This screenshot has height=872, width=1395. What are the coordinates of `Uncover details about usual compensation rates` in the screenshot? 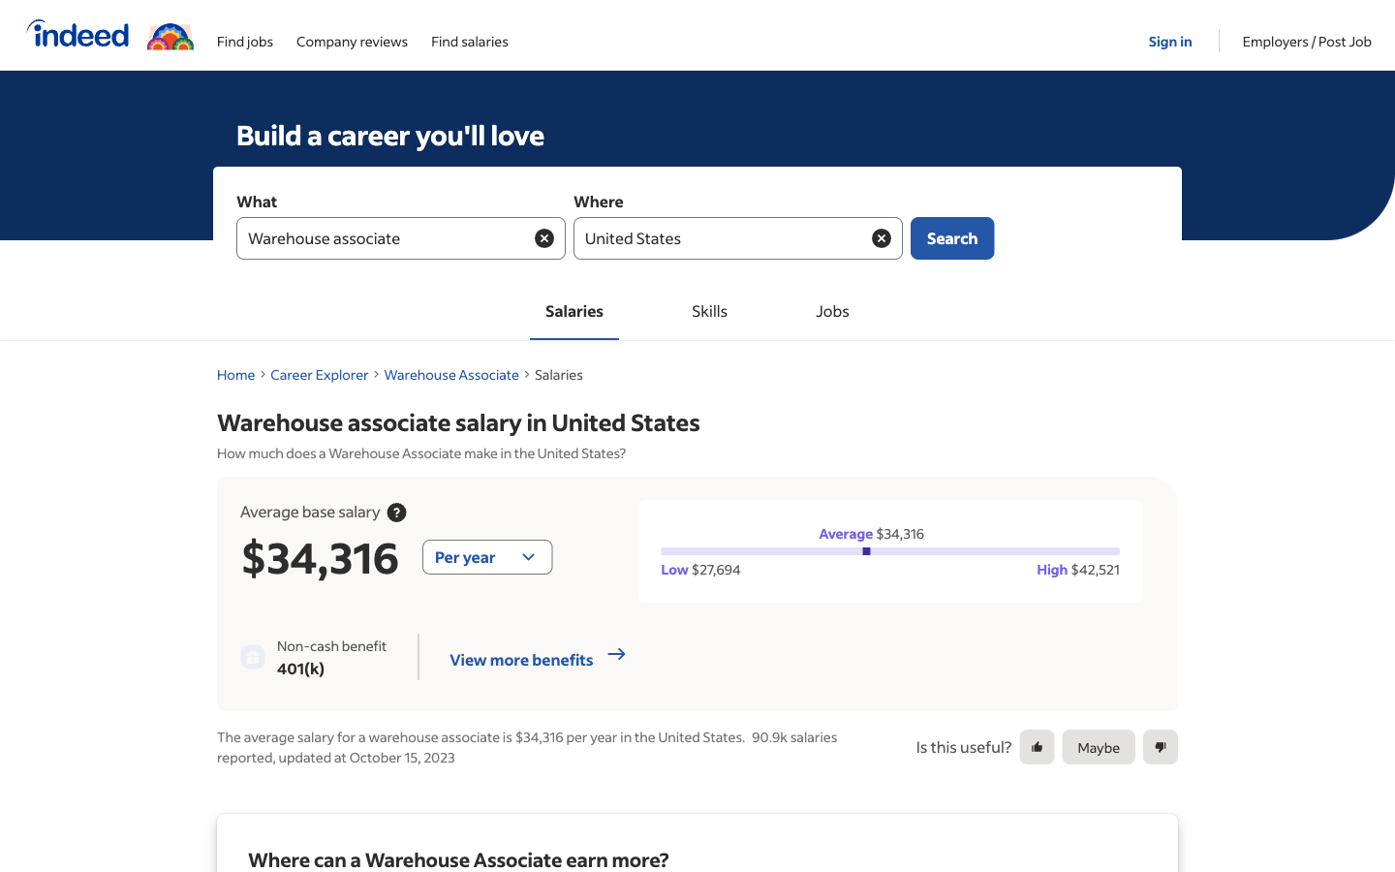 It's located at (394, 512).